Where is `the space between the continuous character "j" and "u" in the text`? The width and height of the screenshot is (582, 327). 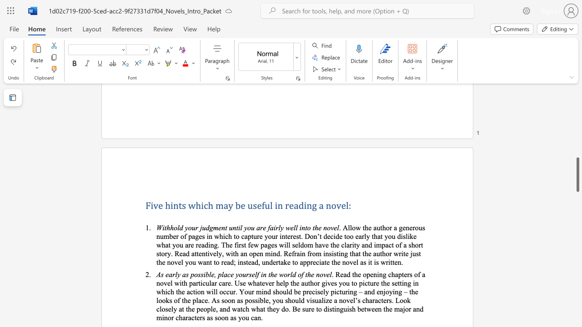 the space between the continuous character "j" and "u" in the text is located at coordinates (202, 227).